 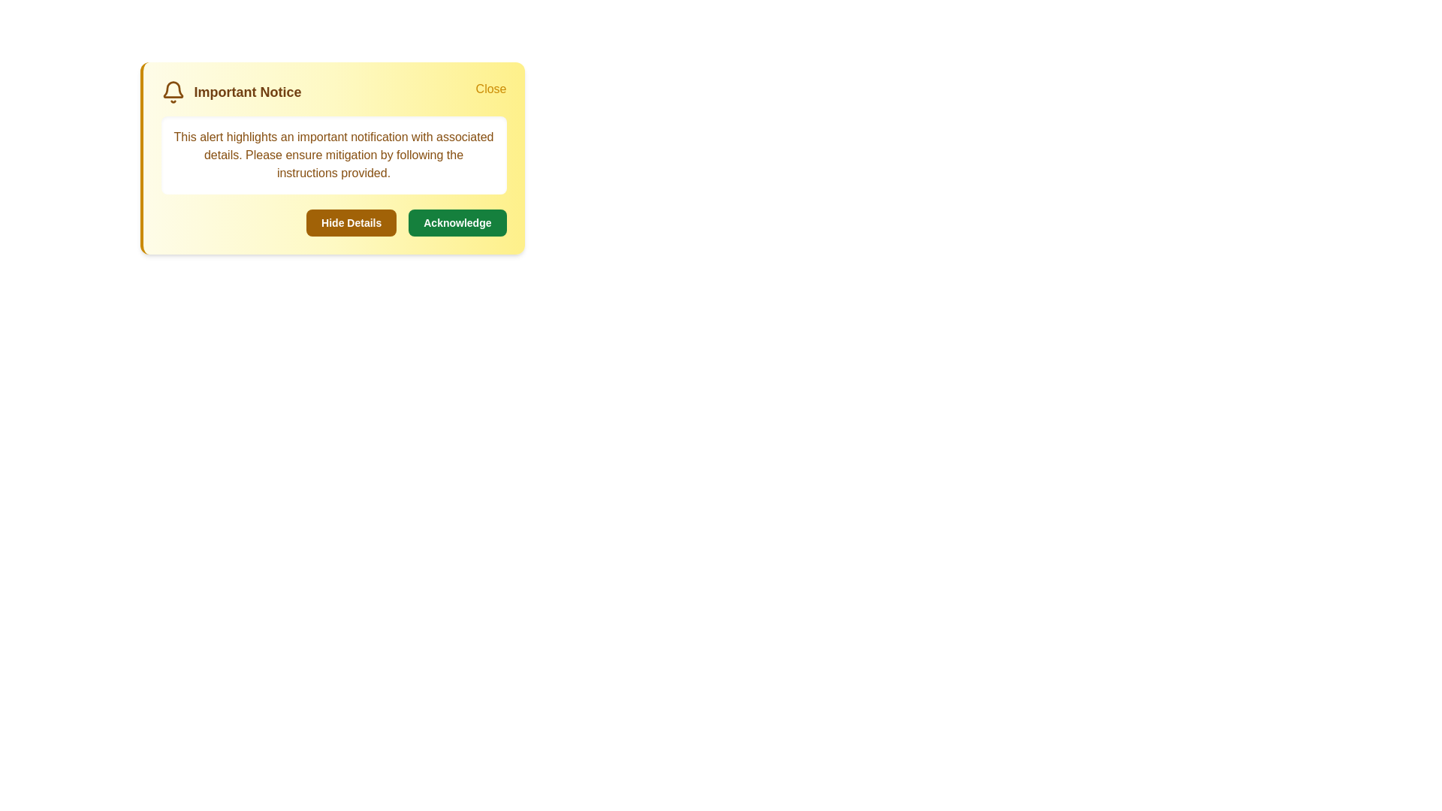 What do you see at coordinates (457, 223) in the screenshot?
I see `'Acknowledge' button to confirm the alert` at bounding box center [457, 223].